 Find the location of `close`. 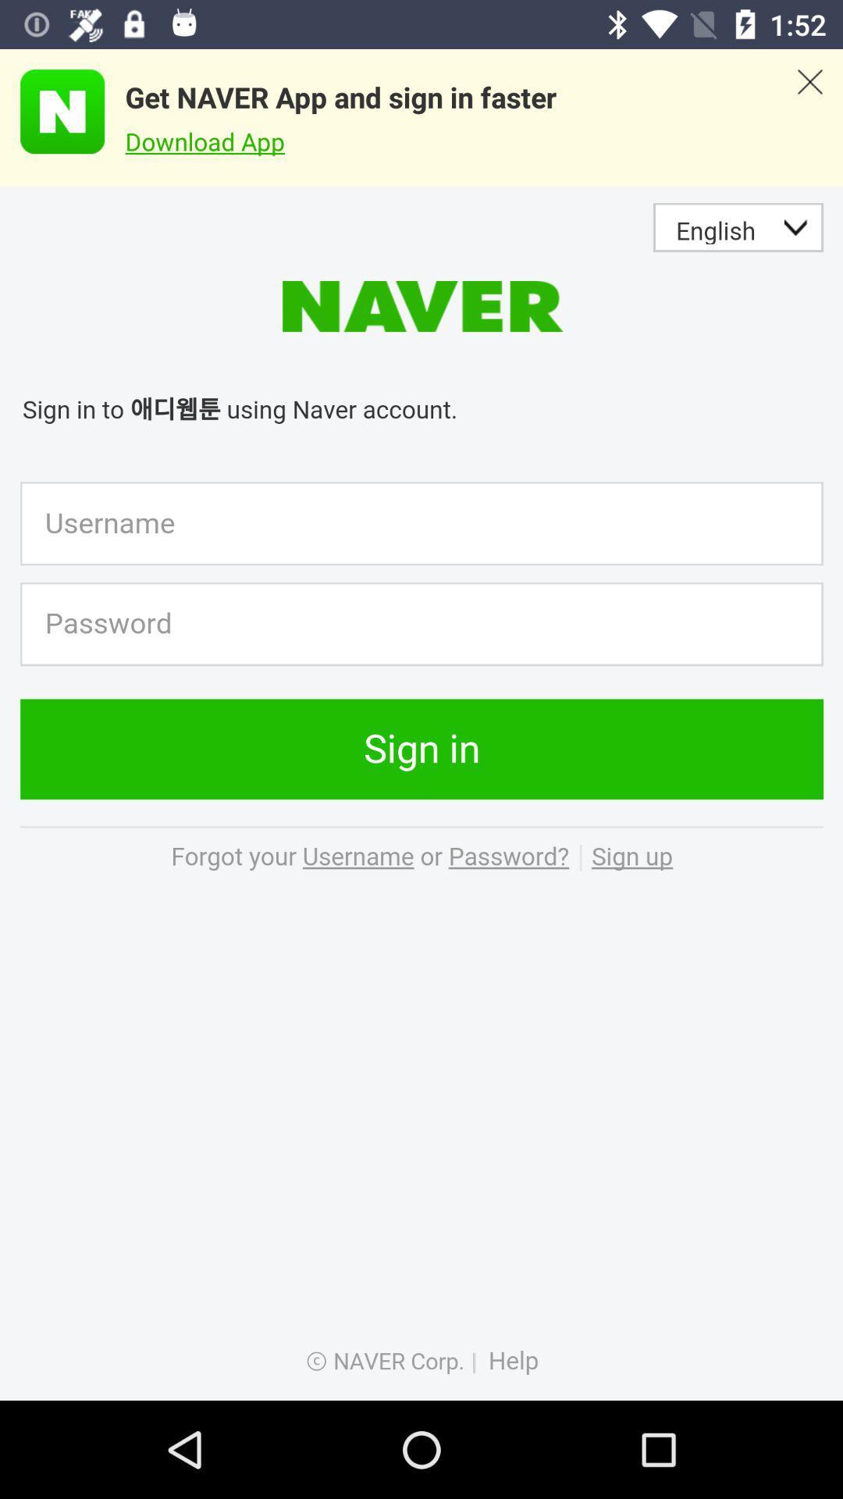

close is located at coordinates (809, 117).